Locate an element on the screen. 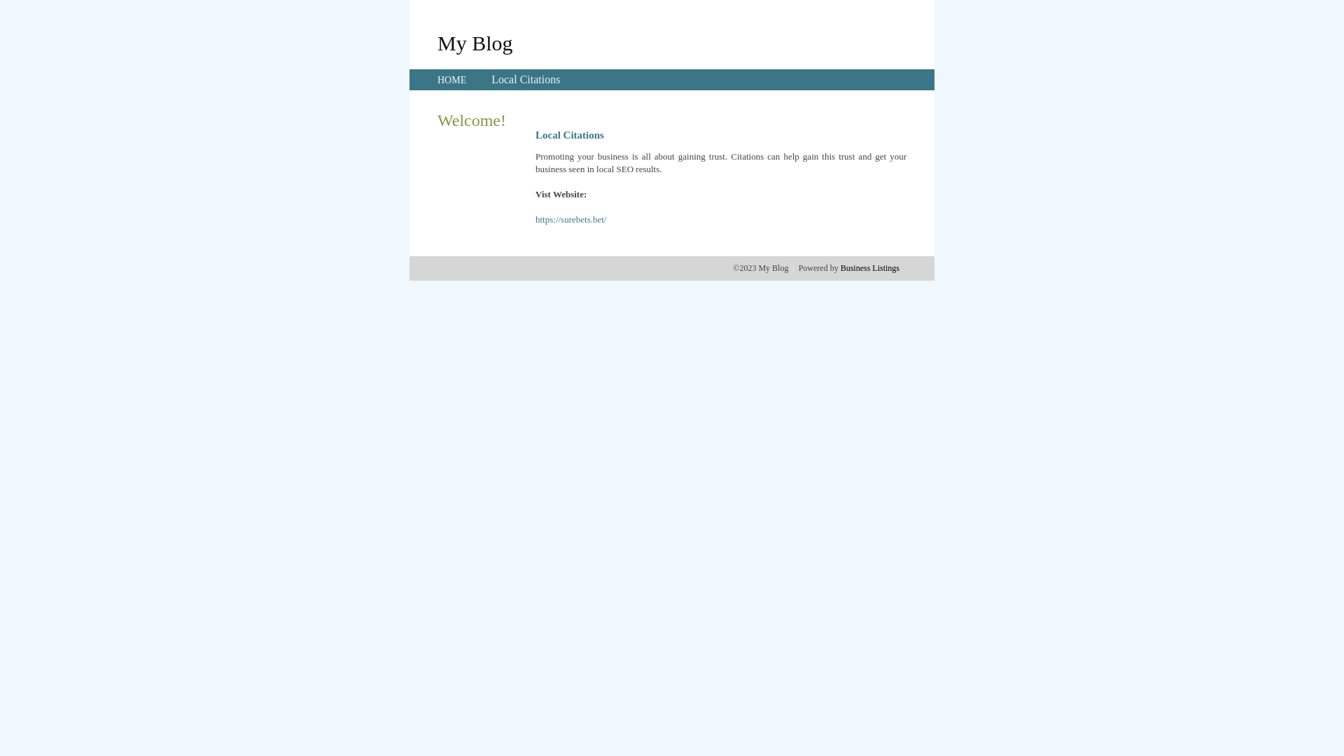 This screenshot has height=756, width=1344. 'HOME' is located at coordinates (451, 80).